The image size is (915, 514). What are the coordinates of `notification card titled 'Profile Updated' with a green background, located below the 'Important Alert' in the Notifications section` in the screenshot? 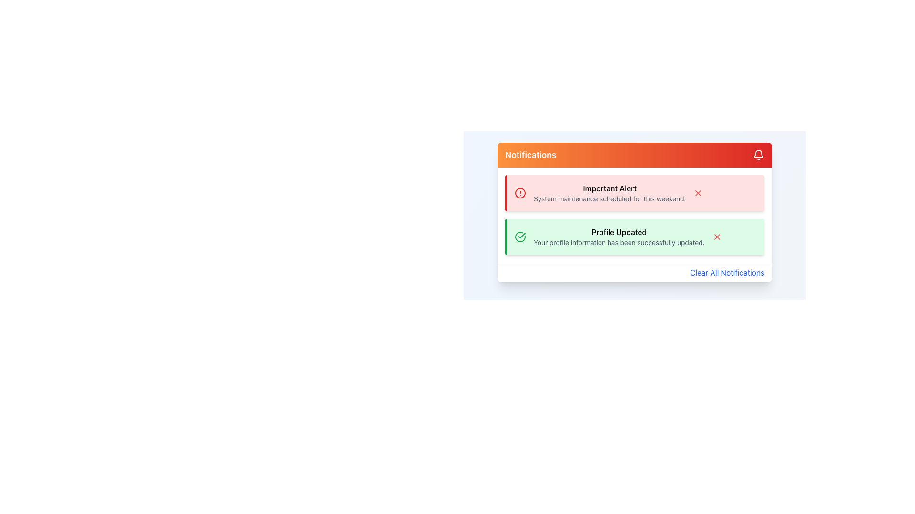 It's located at (634, 236).